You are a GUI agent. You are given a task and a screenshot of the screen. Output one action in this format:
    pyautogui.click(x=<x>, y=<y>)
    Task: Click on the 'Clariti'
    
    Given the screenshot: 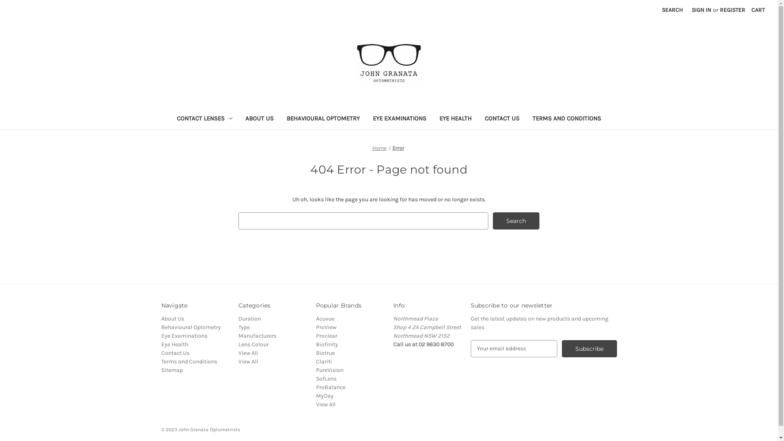 What is the action you would take?
    pyautogui.click(x=323, y=361)
    